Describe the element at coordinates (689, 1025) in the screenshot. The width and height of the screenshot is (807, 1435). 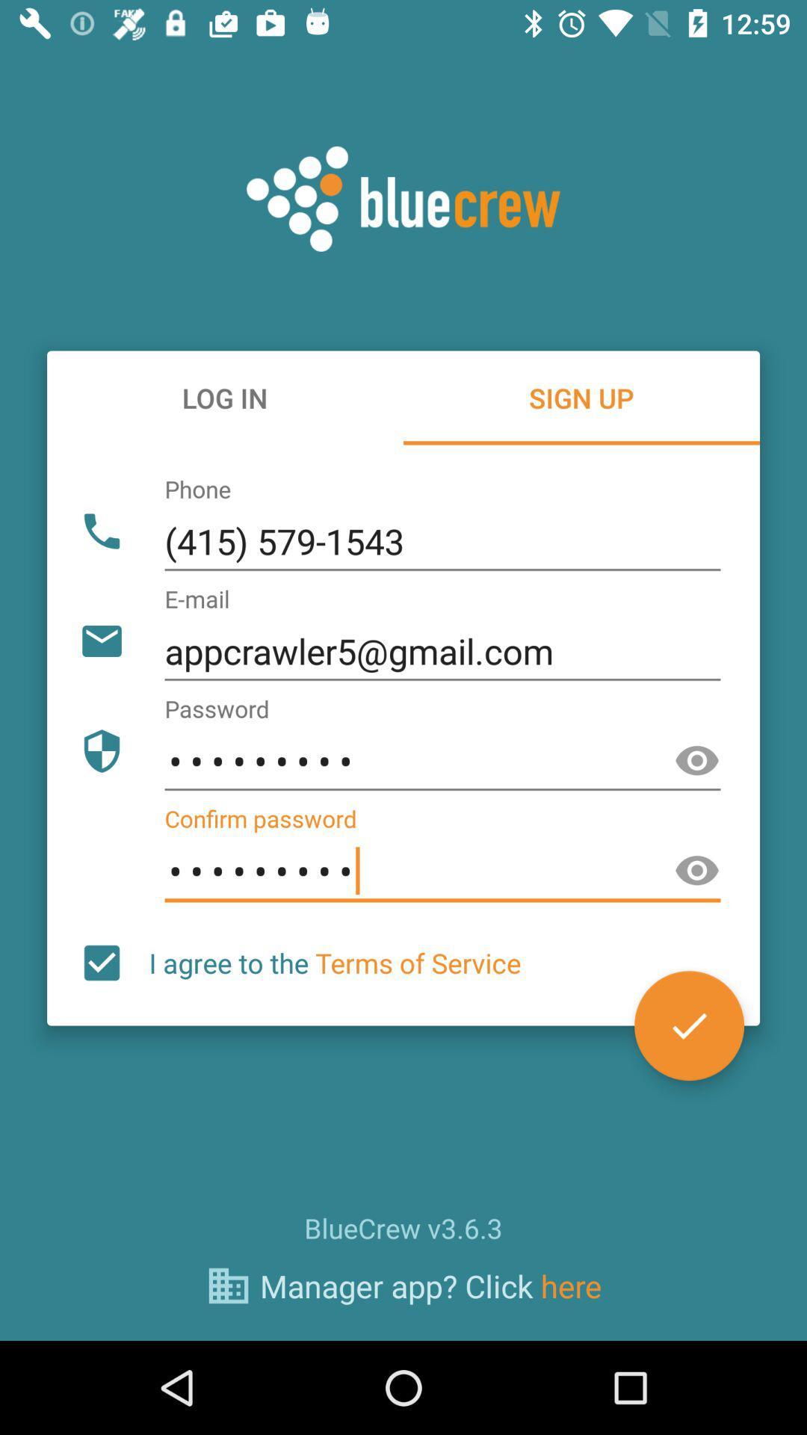
I see `item at the bottom right corner` at that location.